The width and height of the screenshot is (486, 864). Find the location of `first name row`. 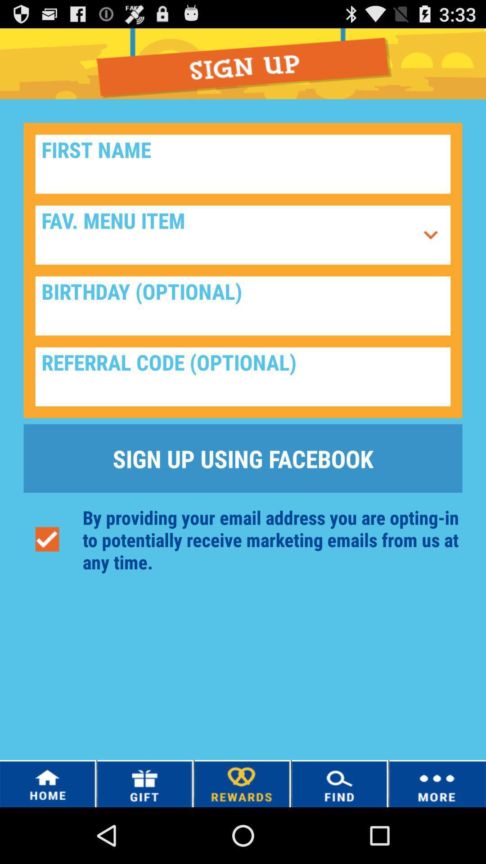

first name row is located at coordinates (243, 164).